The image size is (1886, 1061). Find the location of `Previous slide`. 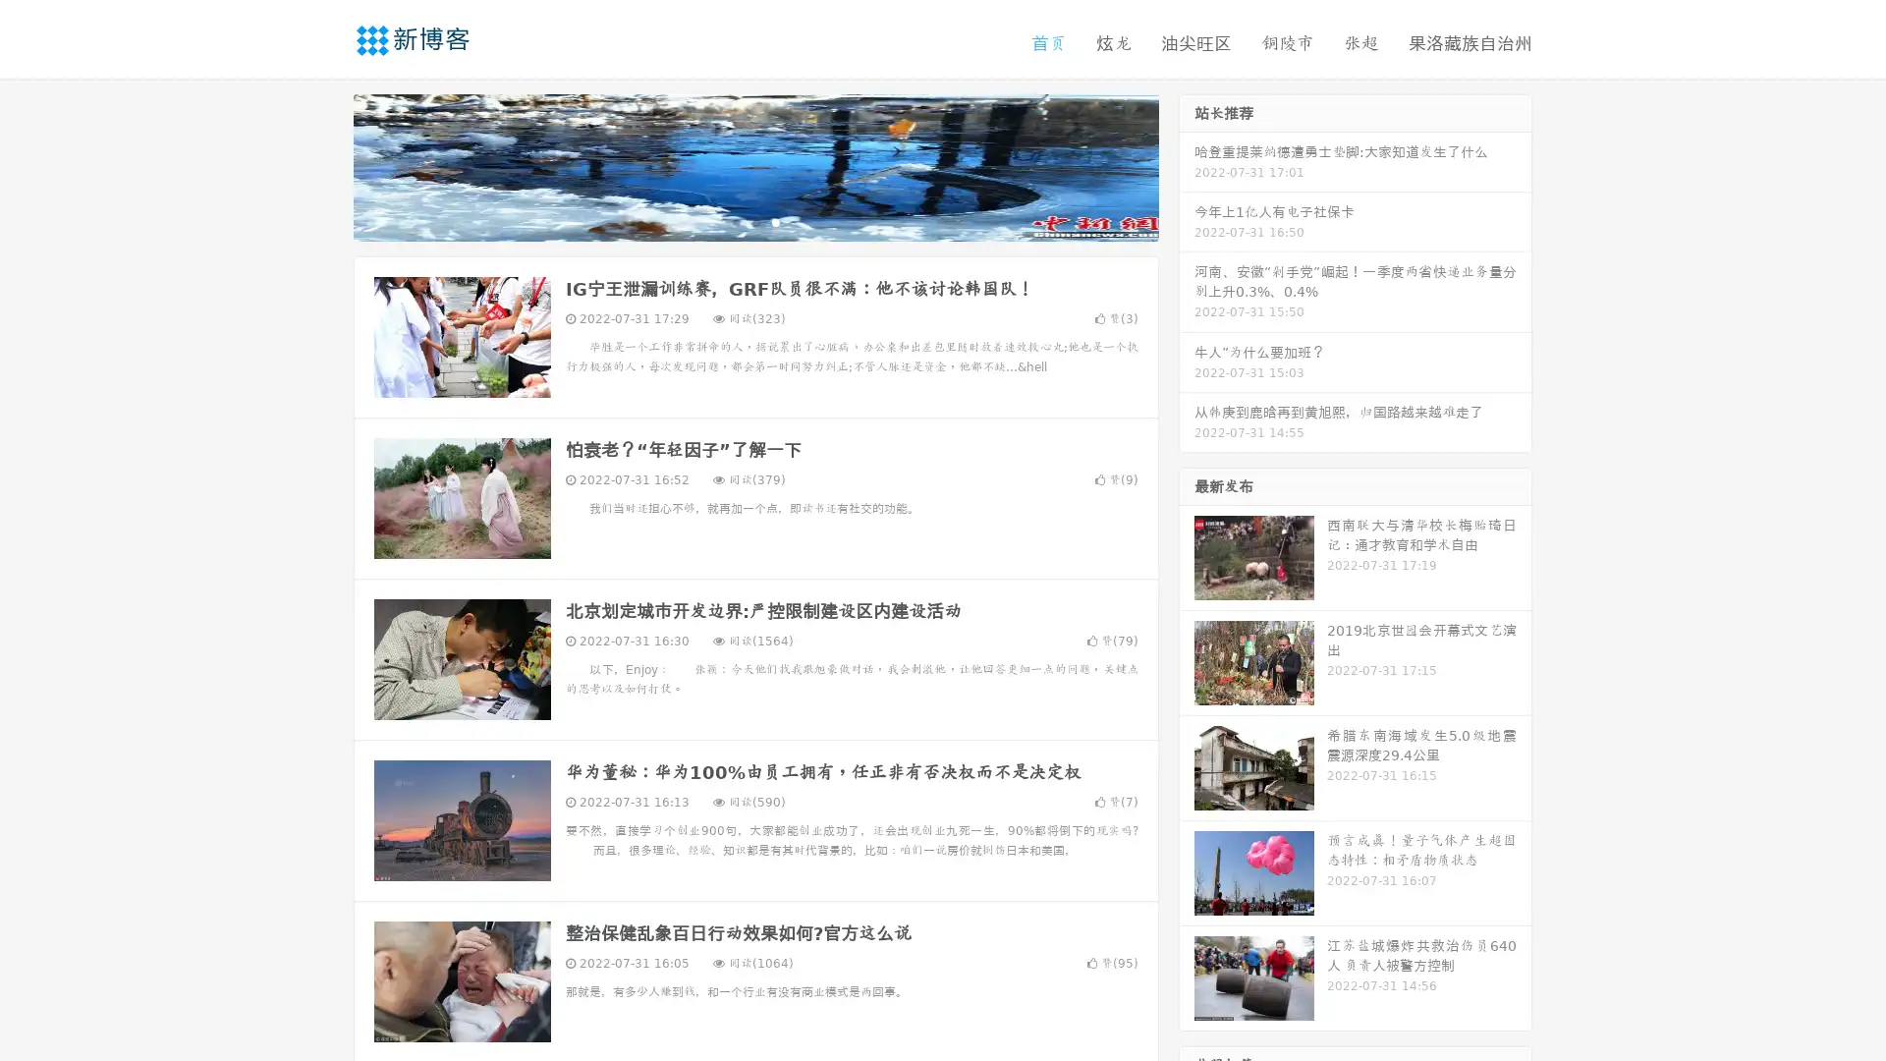

Previous slide is located at coordinates (324, 165).